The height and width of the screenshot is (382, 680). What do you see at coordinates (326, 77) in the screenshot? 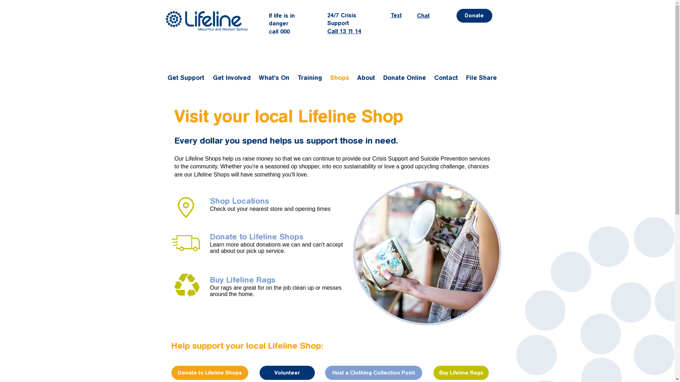
I see `'Shops'` at bounding box center [326, 77].